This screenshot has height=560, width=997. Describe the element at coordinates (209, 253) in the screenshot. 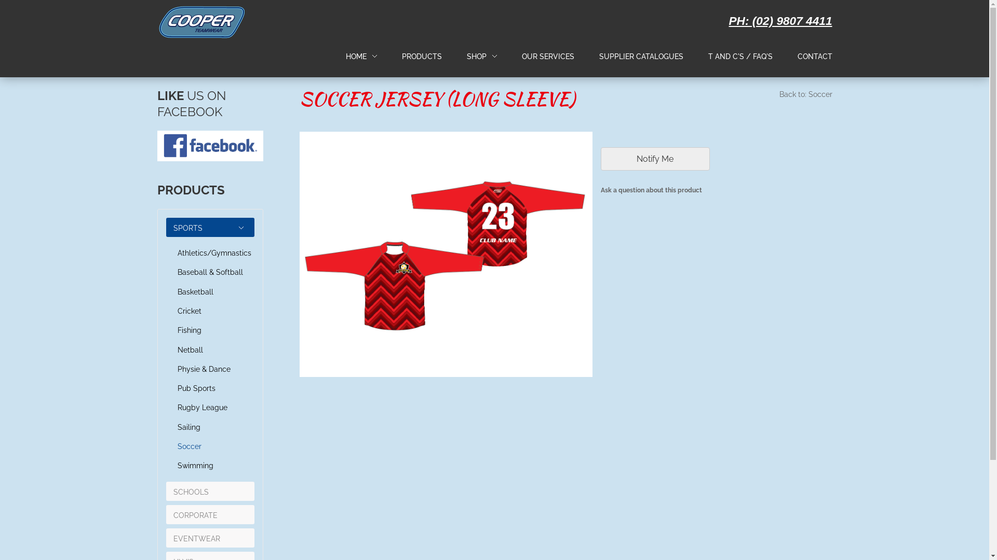

I see `'Athletics/Gymnastics'` at that location.